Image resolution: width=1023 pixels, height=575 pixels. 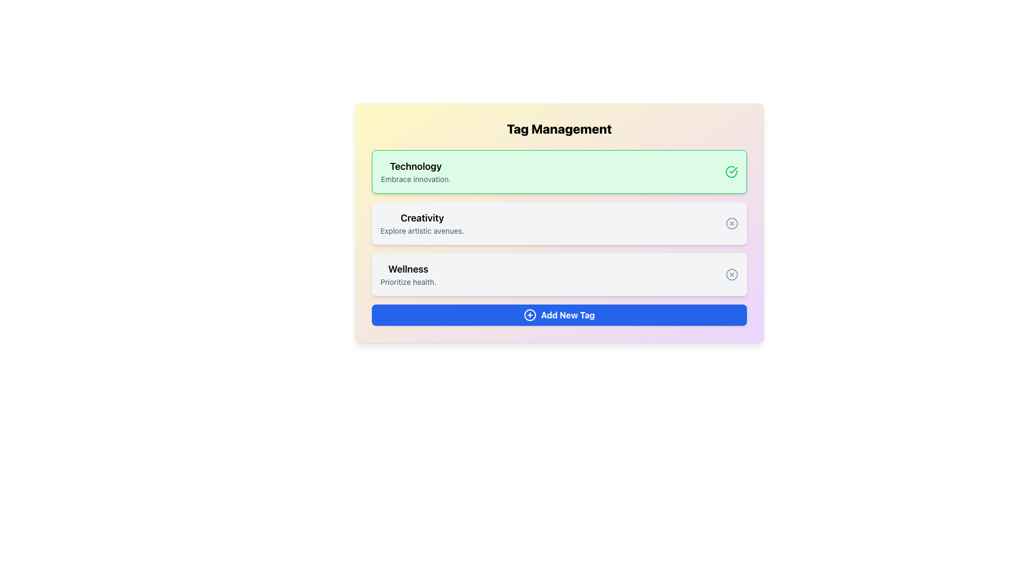 What do you see at coordinates (421, 223) in the screenshot?
I see `the category label Content block that is the second entry in a vertical list of cards, located between the 'Technology' and 'Wellness' cards` at bounding box center [421, 223].